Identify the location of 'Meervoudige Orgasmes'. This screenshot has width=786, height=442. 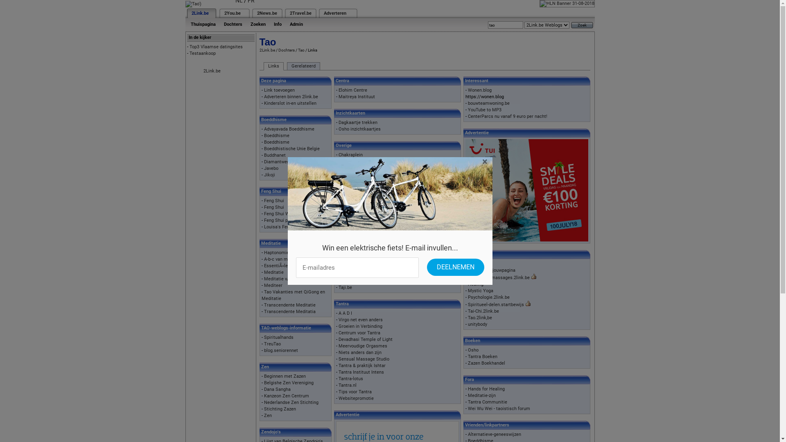
(362, 346).